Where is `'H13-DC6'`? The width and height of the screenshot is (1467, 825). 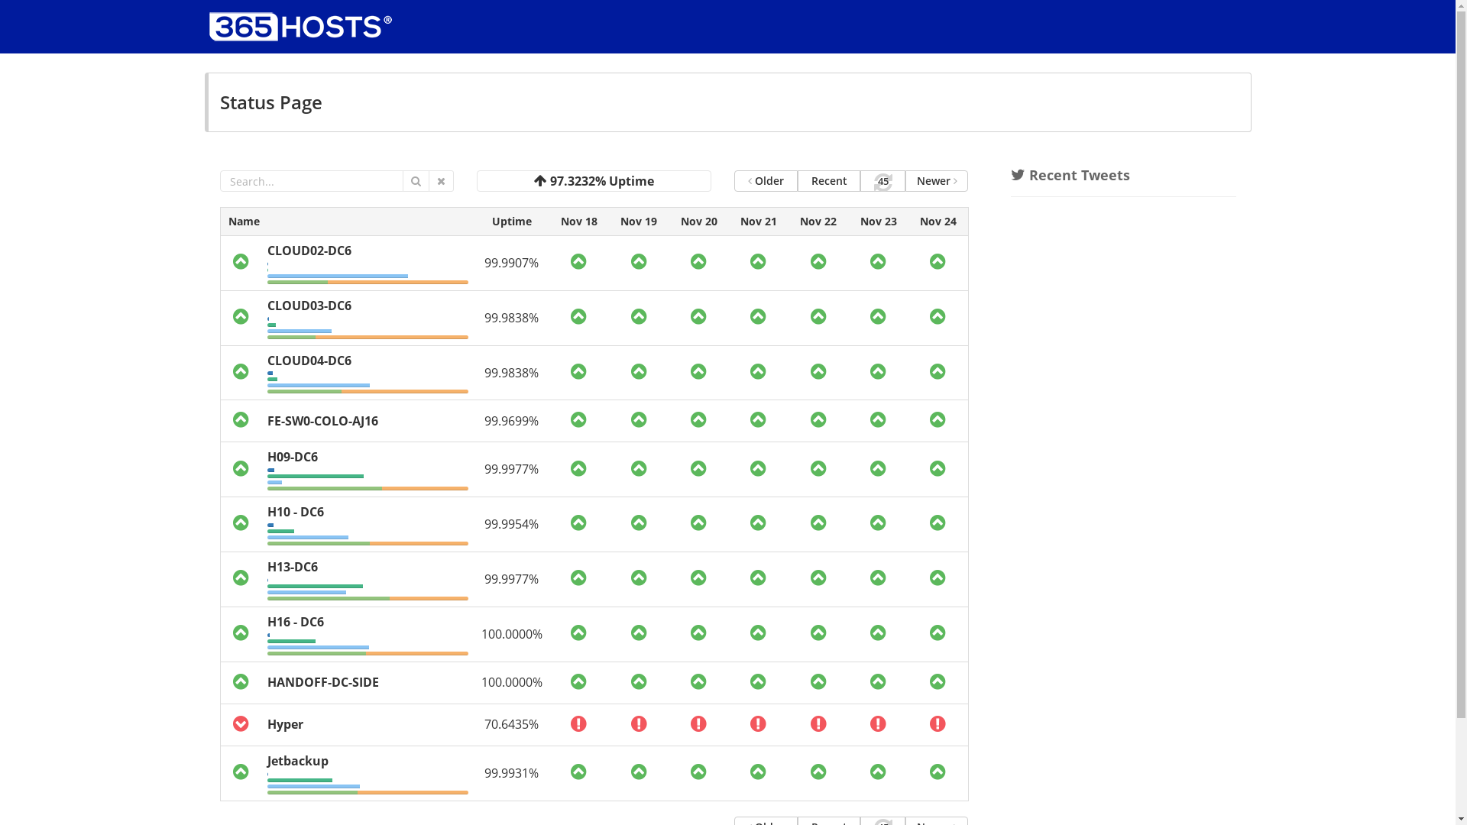 'H13-DC6' is located at coordinates (293, 566).